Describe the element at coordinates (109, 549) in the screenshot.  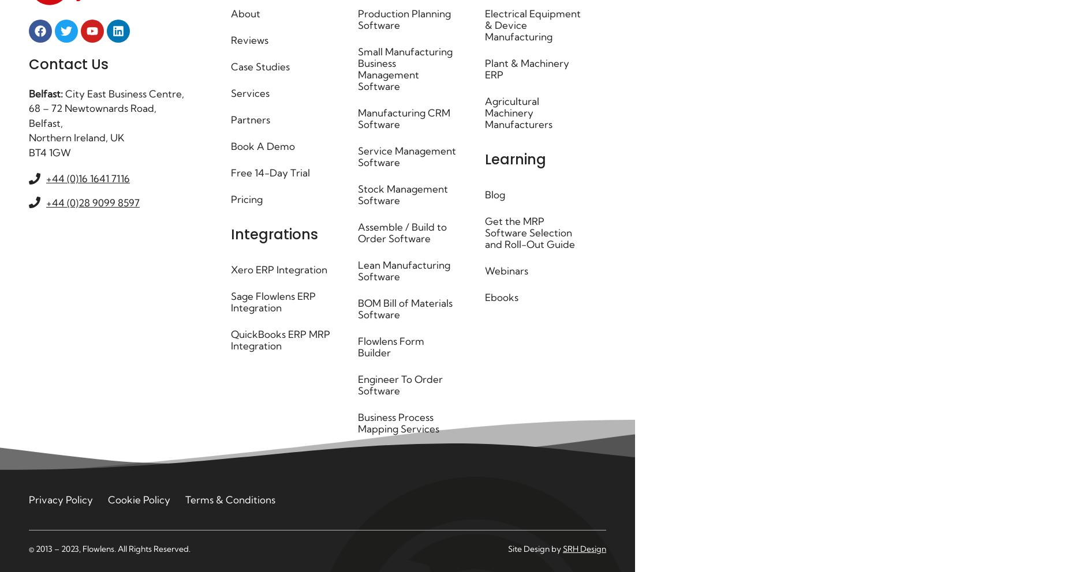
I see `'© 2013 – 2023, Flowlens. All Rights Reserved.'` at that location.